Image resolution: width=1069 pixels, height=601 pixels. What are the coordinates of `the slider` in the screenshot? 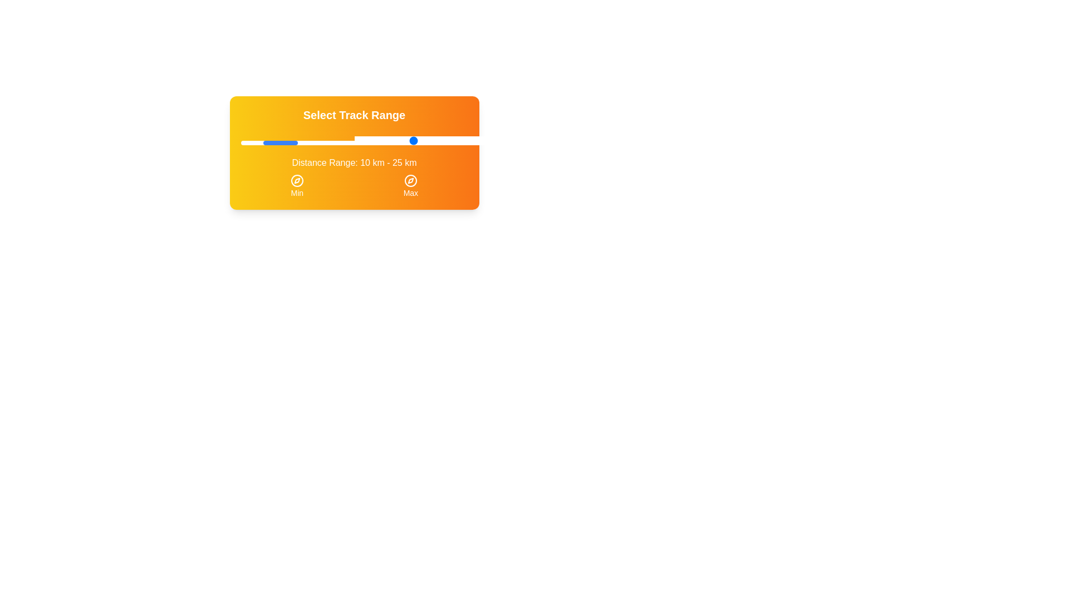 It's located at (361, 140).